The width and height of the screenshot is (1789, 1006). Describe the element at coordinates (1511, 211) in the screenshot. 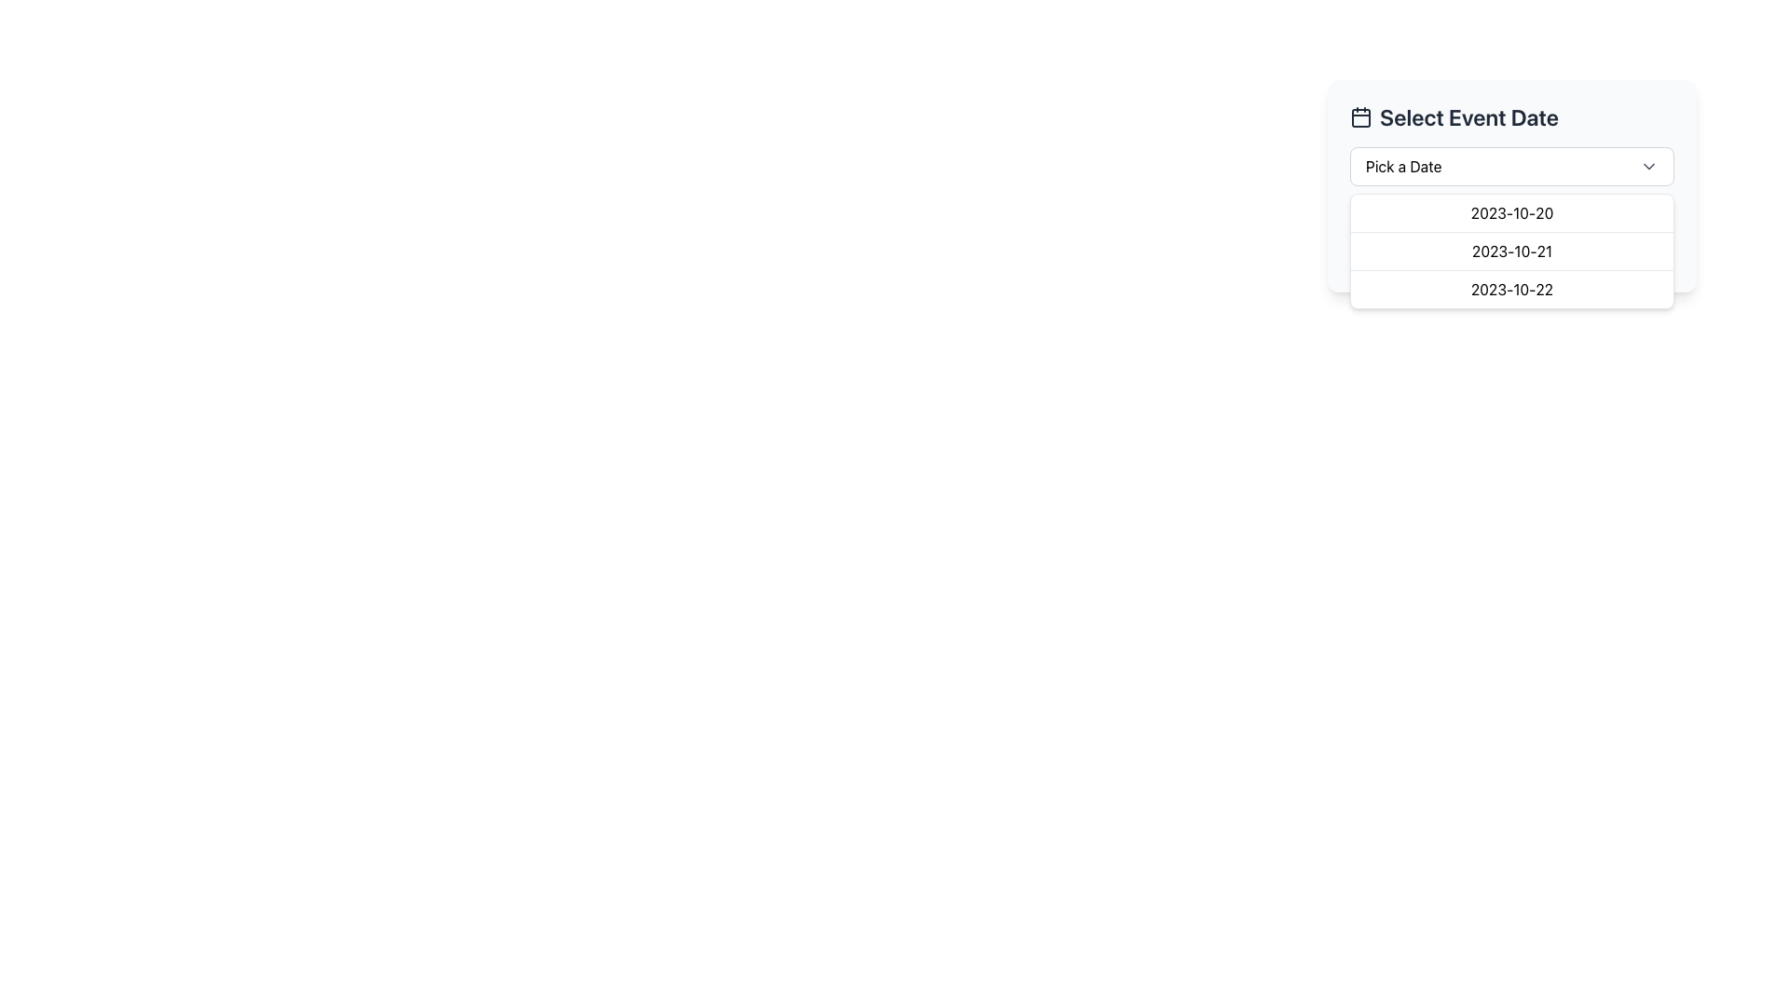

I see `the text label component that provides context for the event description input field` at that location.